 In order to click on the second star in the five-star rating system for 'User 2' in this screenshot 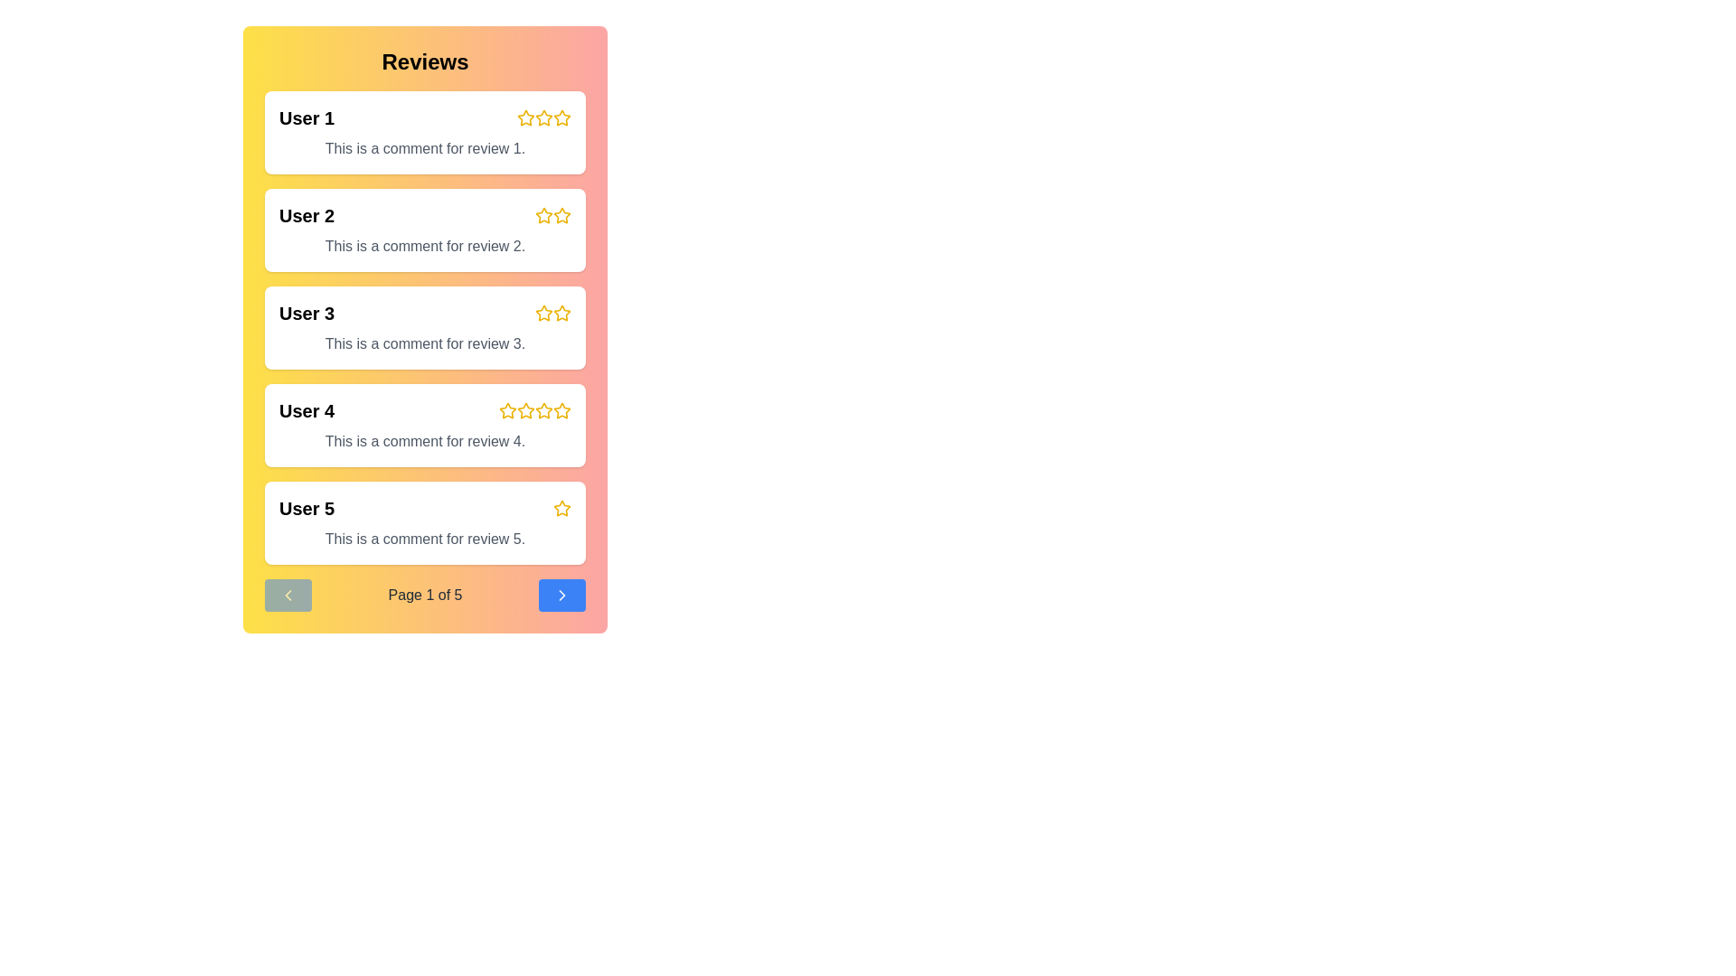, I will do `click(561, 214)`.